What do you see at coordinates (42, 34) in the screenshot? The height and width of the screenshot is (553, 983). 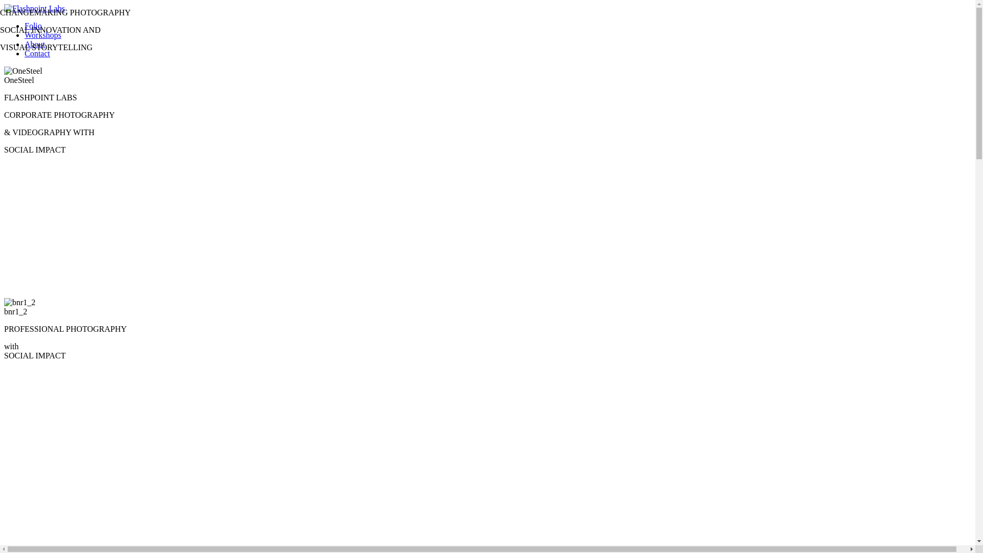 I see `'Workshops'` at bounding box center [42, 34].